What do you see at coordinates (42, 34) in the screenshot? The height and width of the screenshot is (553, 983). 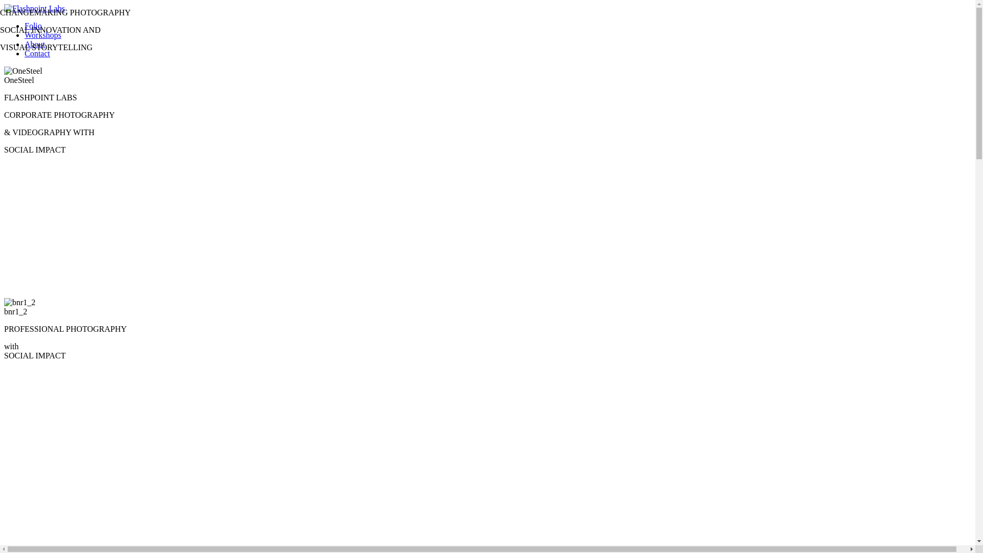 I see `'Workshops'` at bounding box center [42, 34].